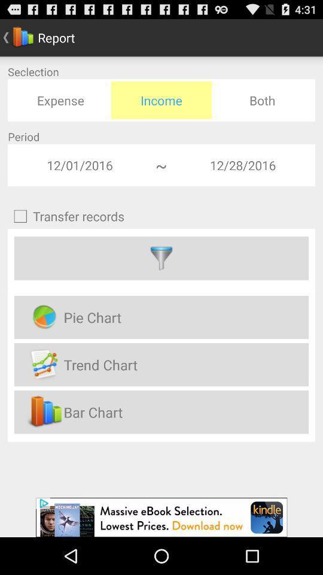 Image resolution: width=323 pixels, height=575 pixels. What do you see at coordinates (161, 258) in the screenshot?
I see `filter option` at bounding box center [161, 258].